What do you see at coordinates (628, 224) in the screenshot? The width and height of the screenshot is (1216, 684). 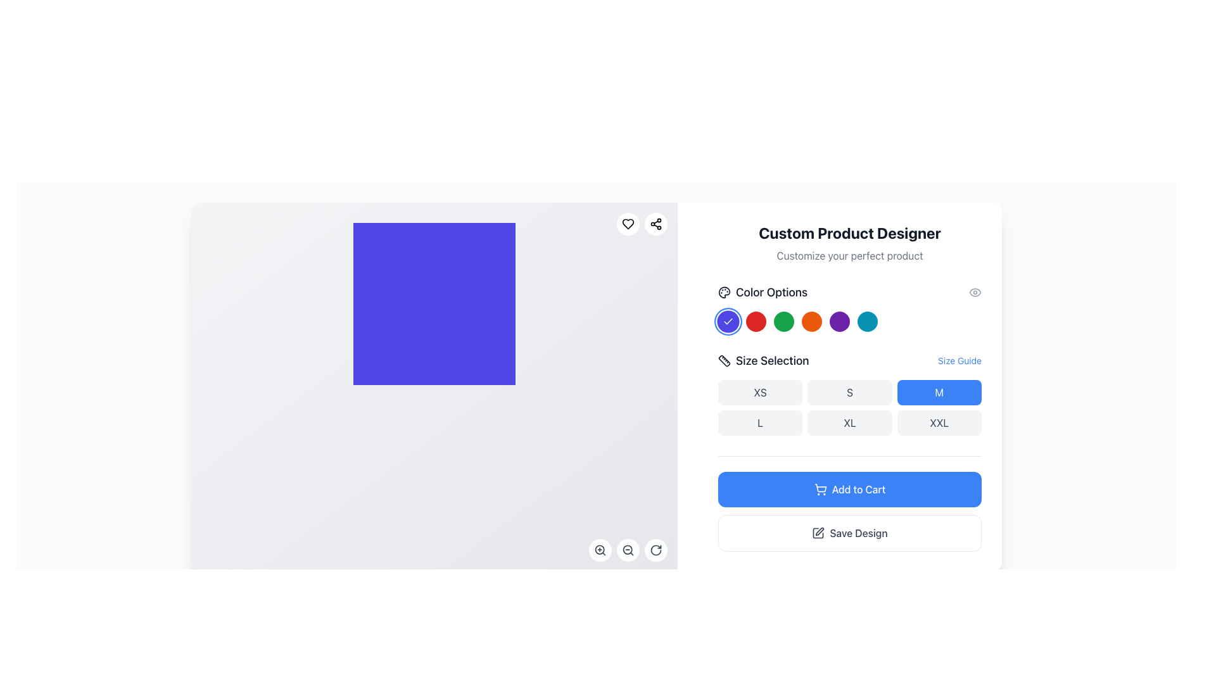 I see `the small circular button with a white background and a black heart icon, located in the top-right corner of the content area` at bounding box center [628, 224].